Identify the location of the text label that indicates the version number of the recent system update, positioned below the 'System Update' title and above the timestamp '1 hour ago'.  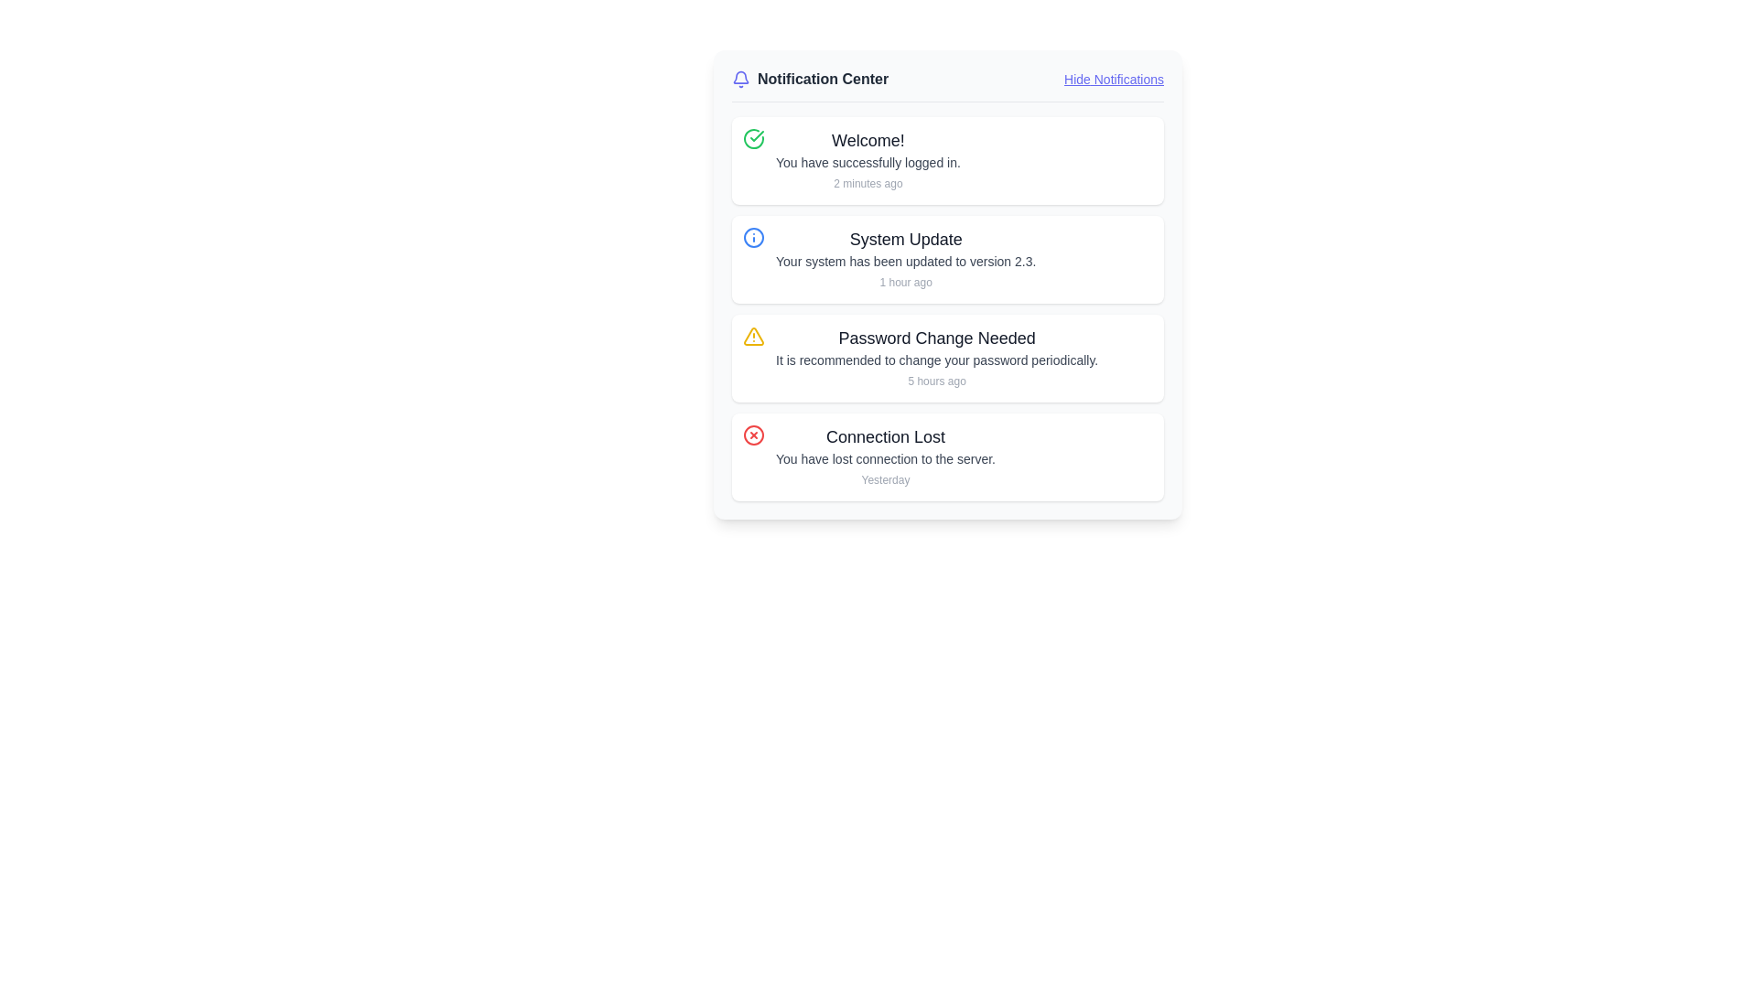
(906, 261).